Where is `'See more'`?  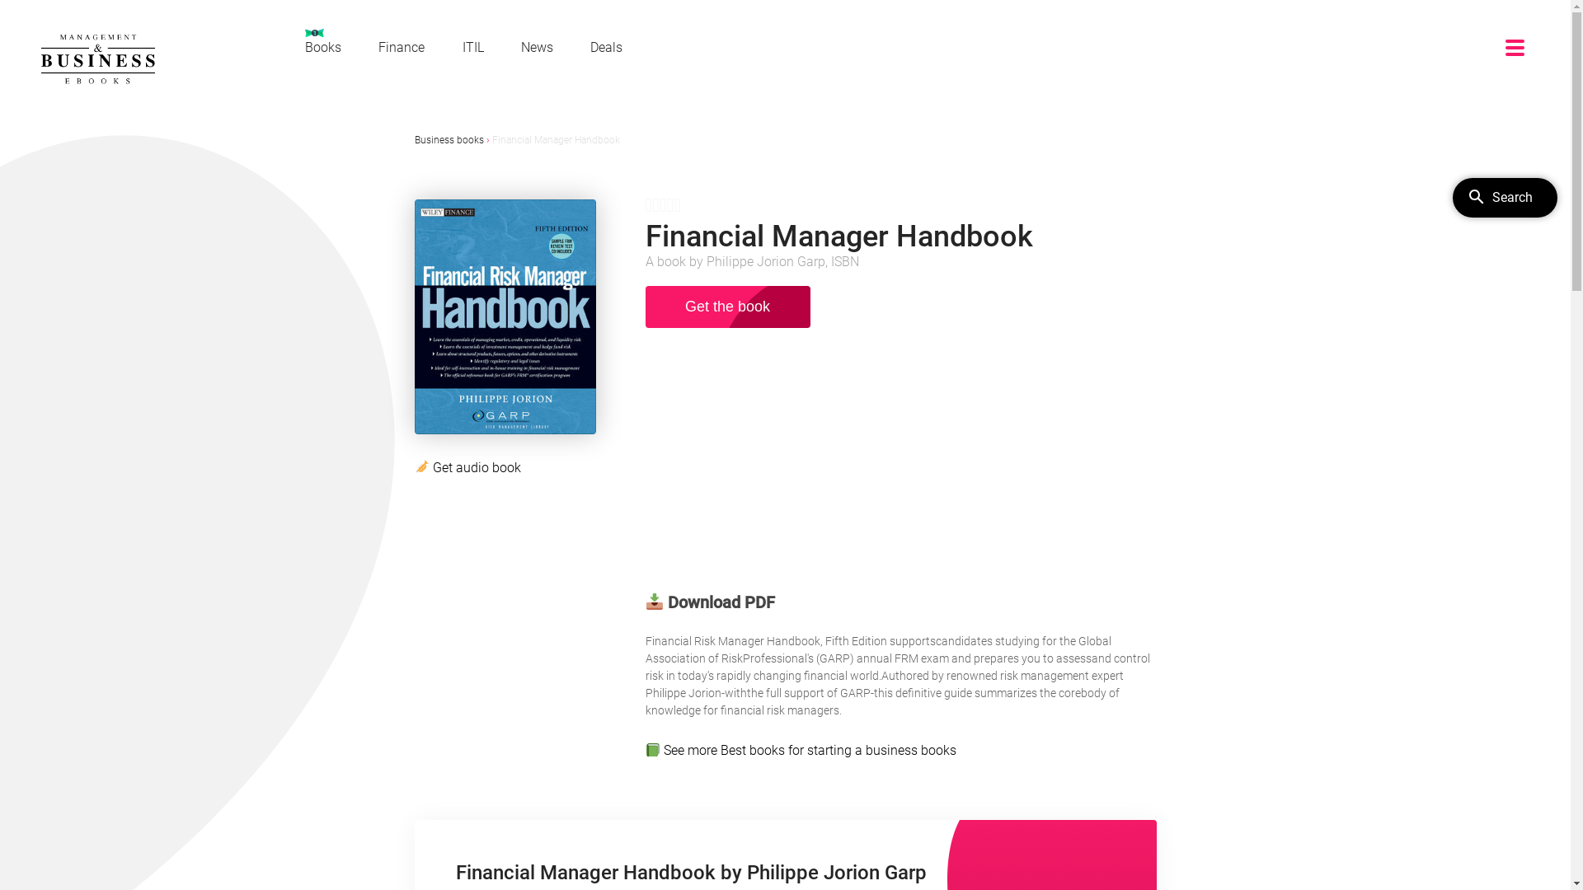
'See more' is located at coordinates (664, 750).